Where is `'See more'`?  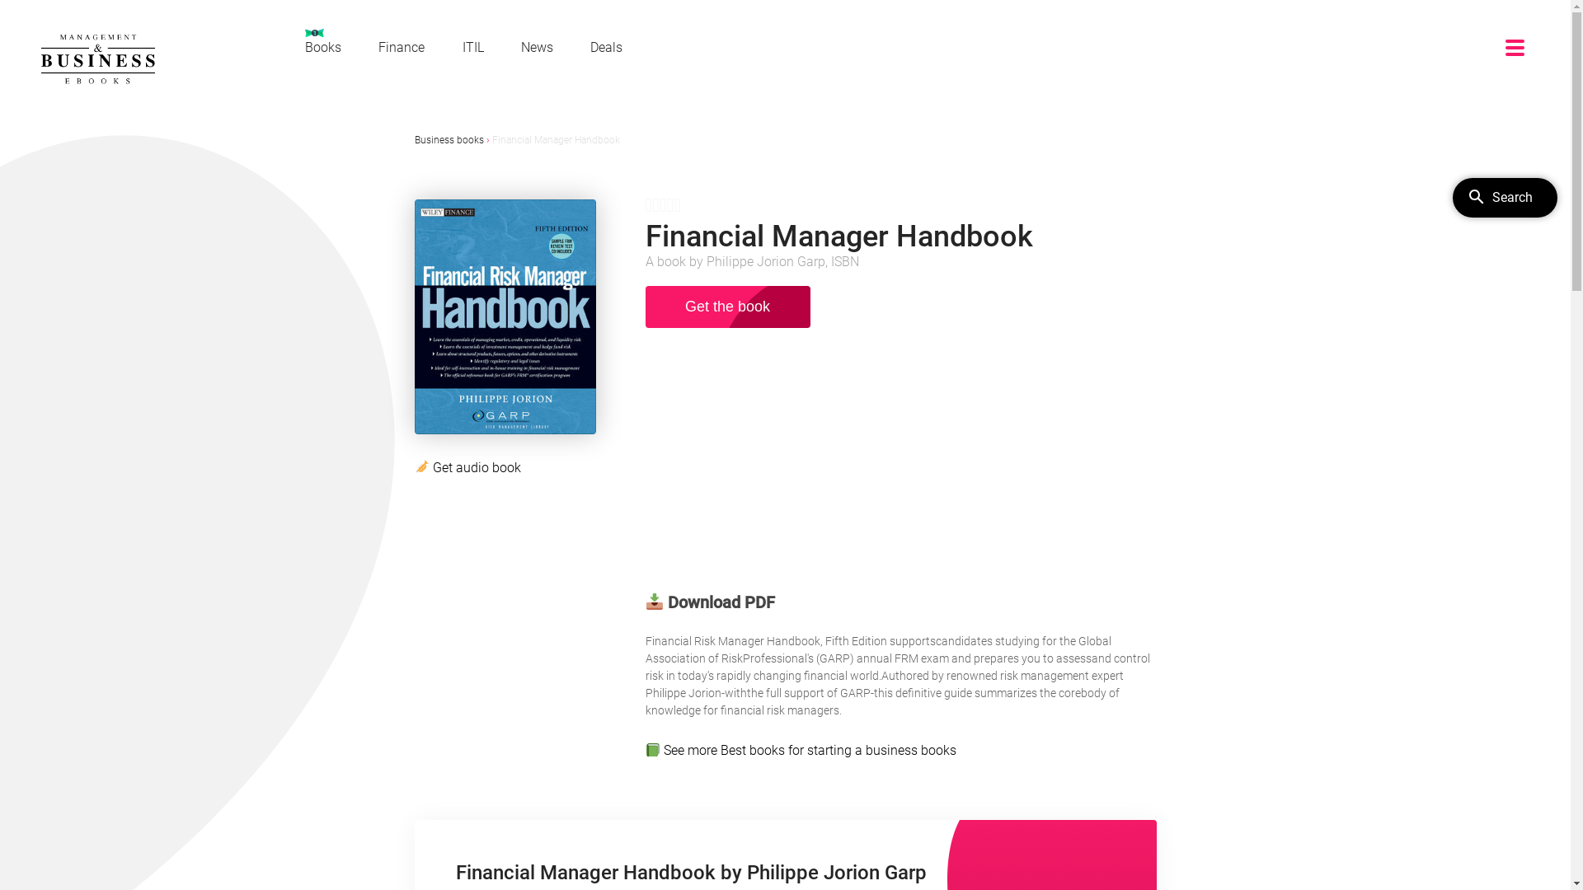
'See more' is located at coordinates (664, 750).